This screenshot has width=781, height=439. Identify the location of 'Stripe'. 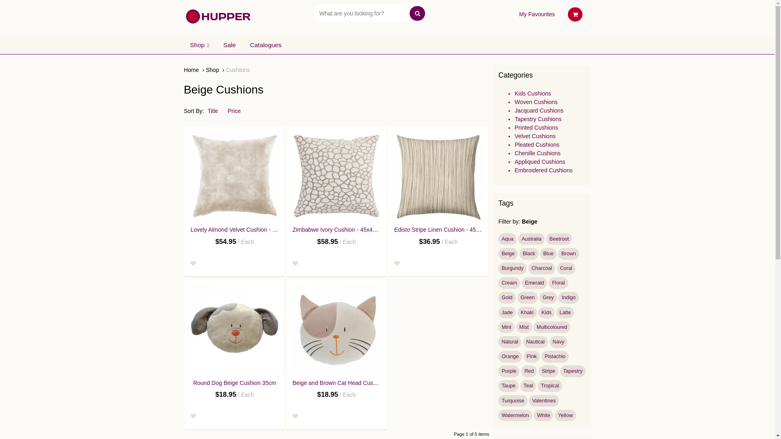
(548, 371).